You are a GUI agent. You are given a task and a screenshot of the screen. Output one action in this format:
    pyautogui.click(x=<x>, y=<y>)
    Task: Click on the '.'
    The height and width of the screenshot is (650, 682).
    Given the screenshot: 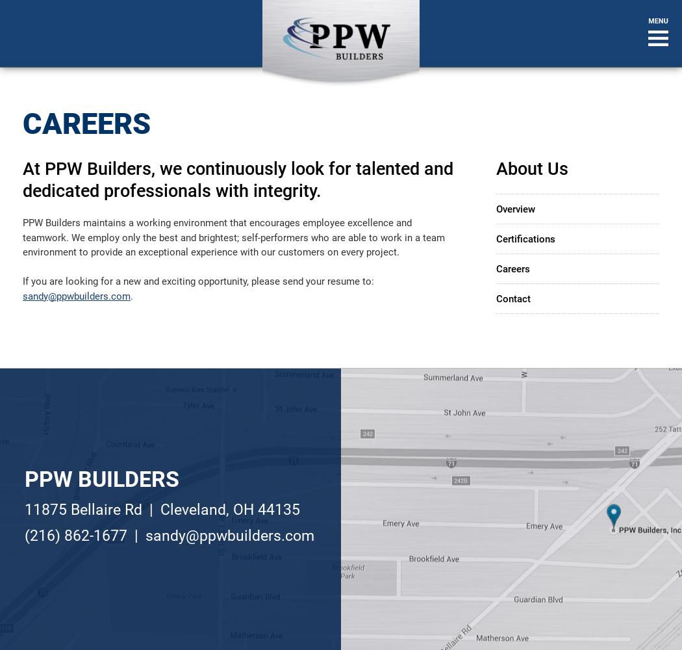 What is the action you would take?
    pyautogui.click(x=131, y=295)
    